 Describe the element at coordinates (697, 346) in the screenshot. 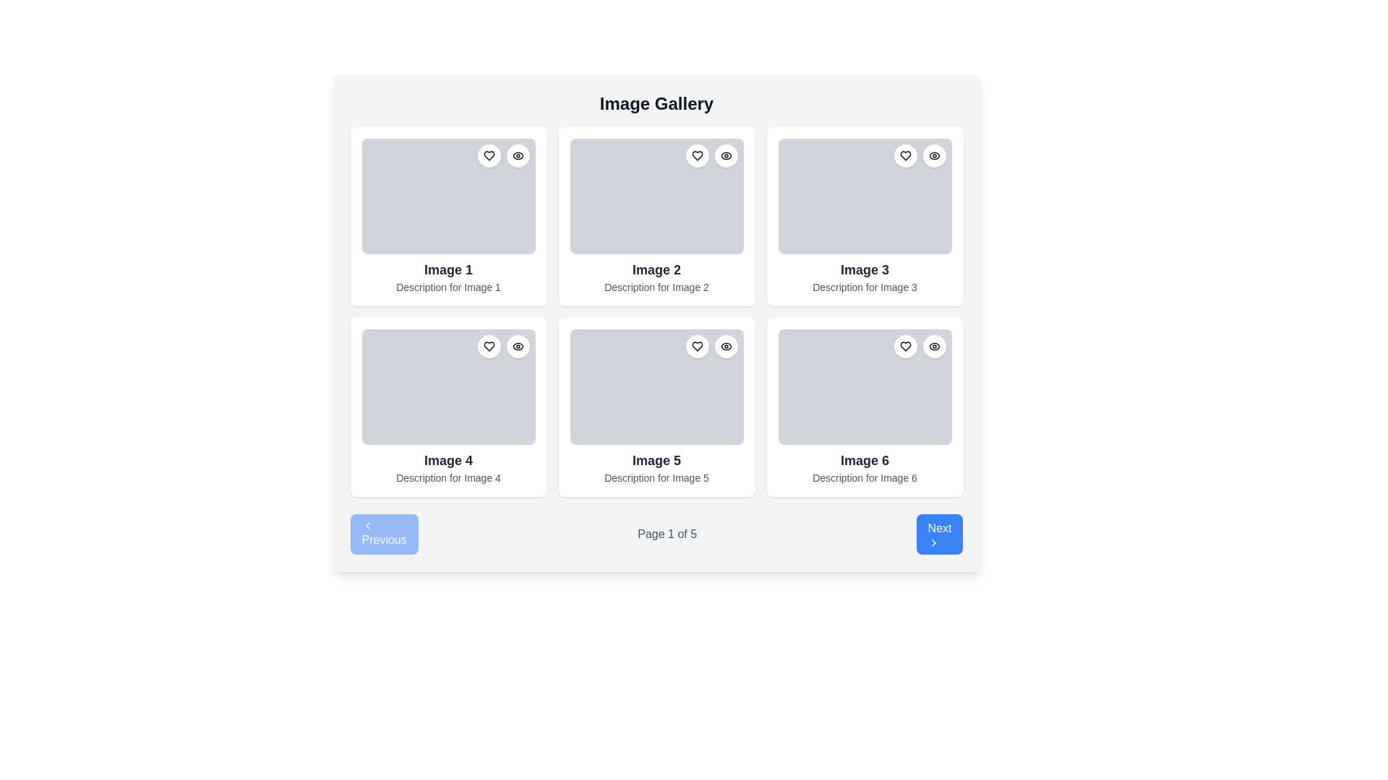

I see `the heart icon located at the top-right corner of the image thumbnail in the fifth position of the gallery grid to mark it as a favorite` at that location.